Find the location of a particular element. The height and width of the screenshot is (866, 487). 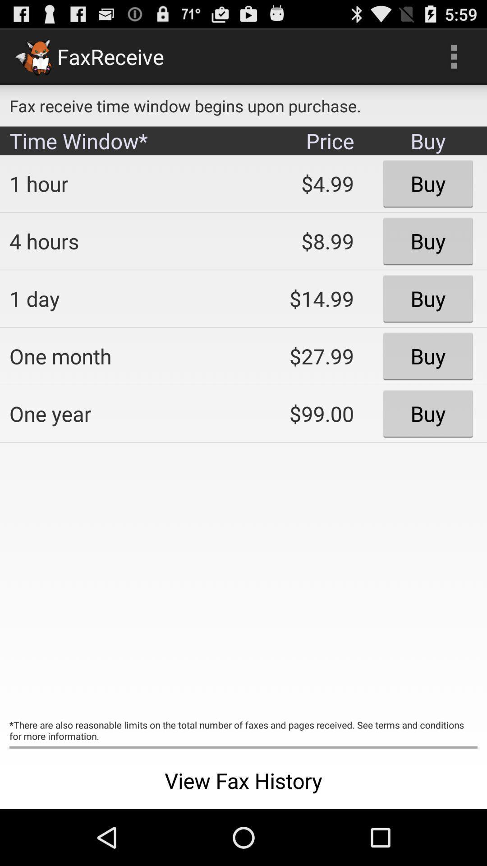

the icon next to $4.99 icon is located at coordinates (119, 241).